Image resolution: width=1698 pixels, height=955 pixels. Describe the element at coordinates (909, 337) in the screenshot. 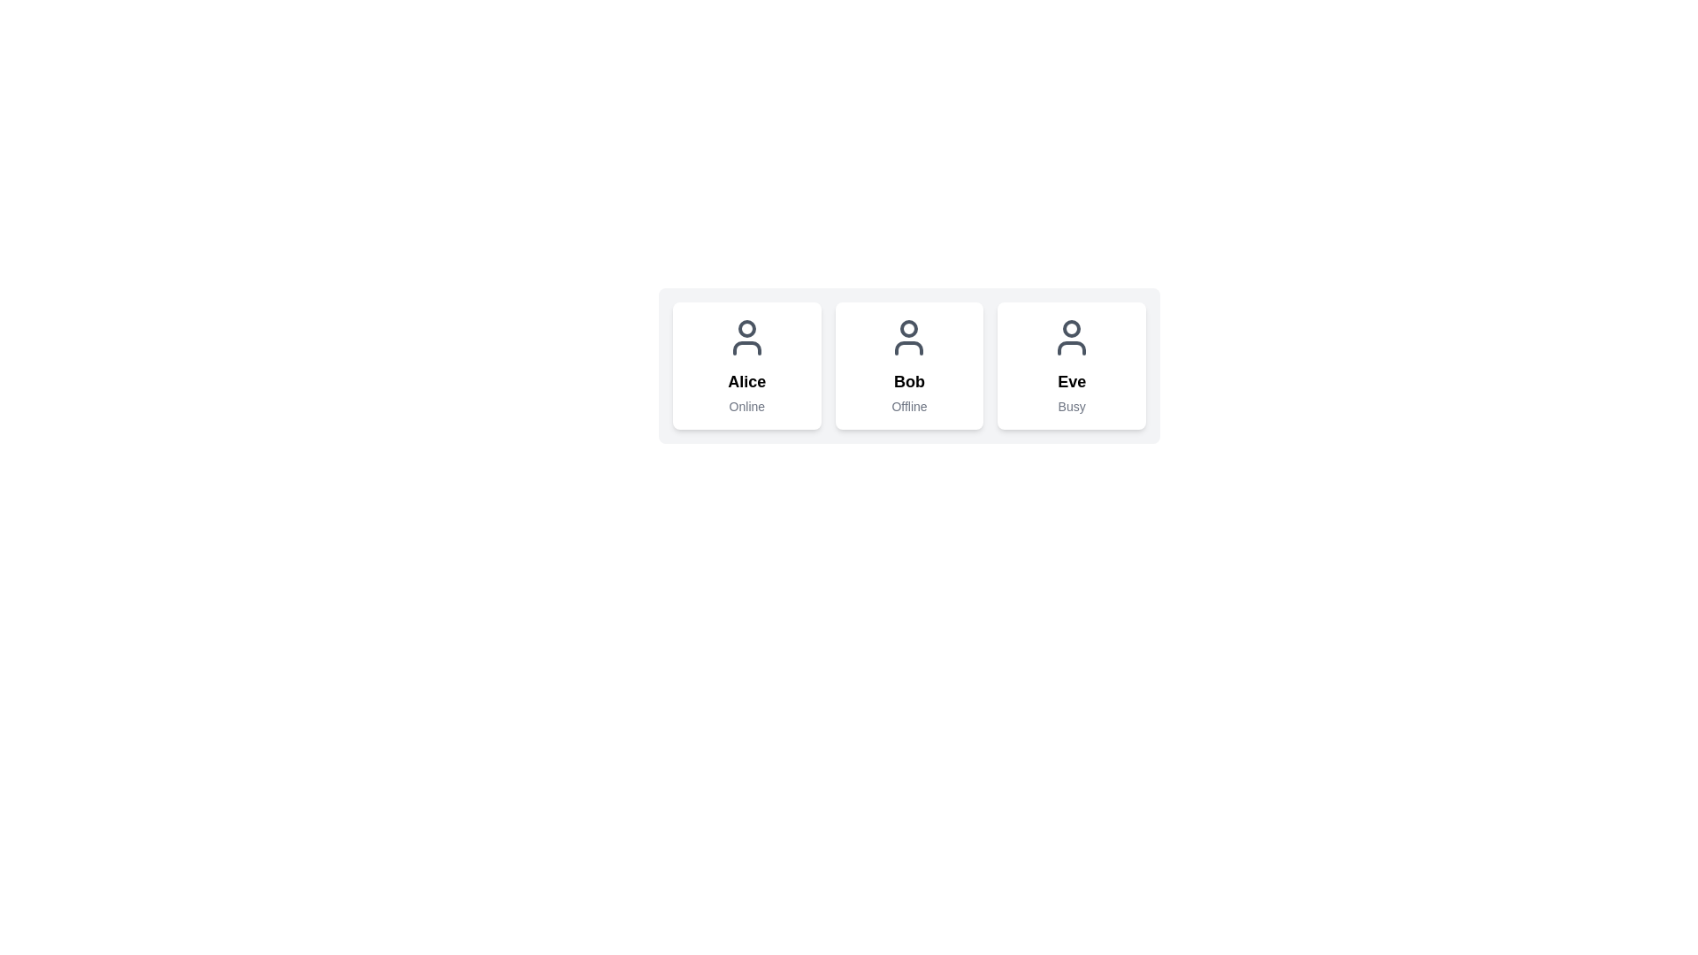

I see `the user icon for 'Bob', which is a circular shape resembling a head and shoulders, located at the top center of the user card displaying the status 'Offline'` at that location.